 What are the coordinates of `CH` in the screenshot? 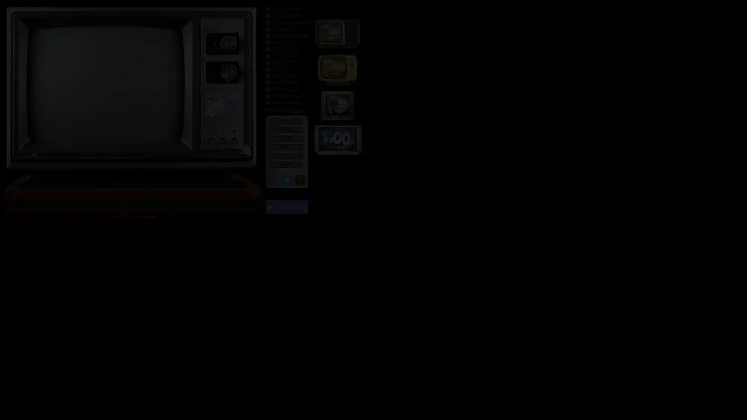 It's located at (286, 138).